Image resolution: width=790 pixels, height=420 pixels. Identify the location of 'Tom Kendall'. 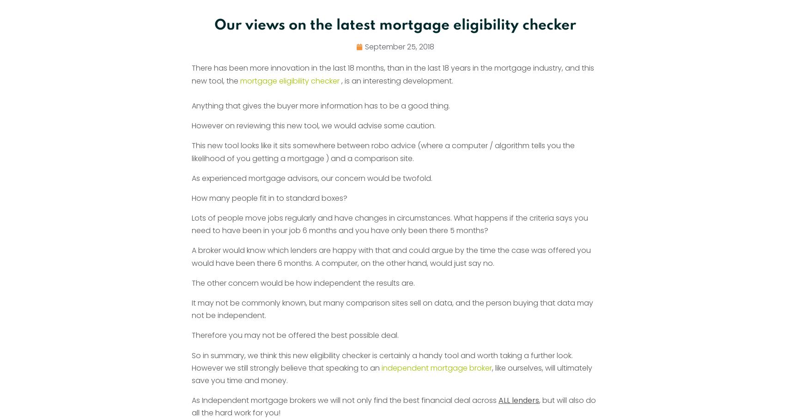
(345, 59).